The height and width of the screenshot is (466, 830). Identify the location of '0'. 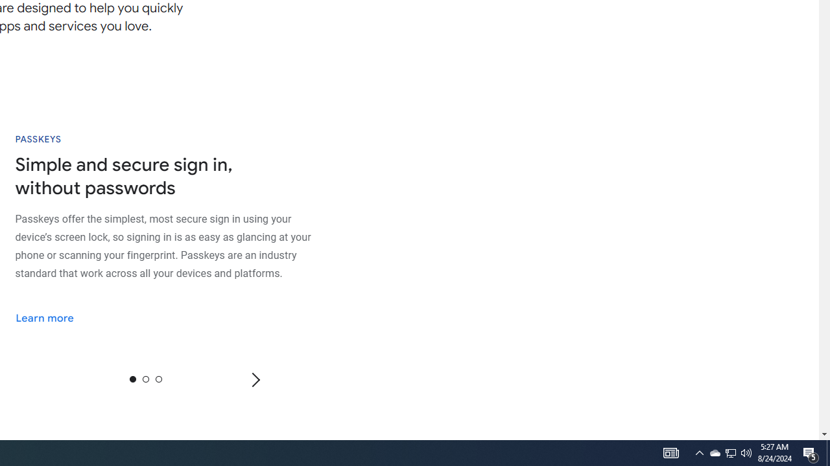
(132, 379).